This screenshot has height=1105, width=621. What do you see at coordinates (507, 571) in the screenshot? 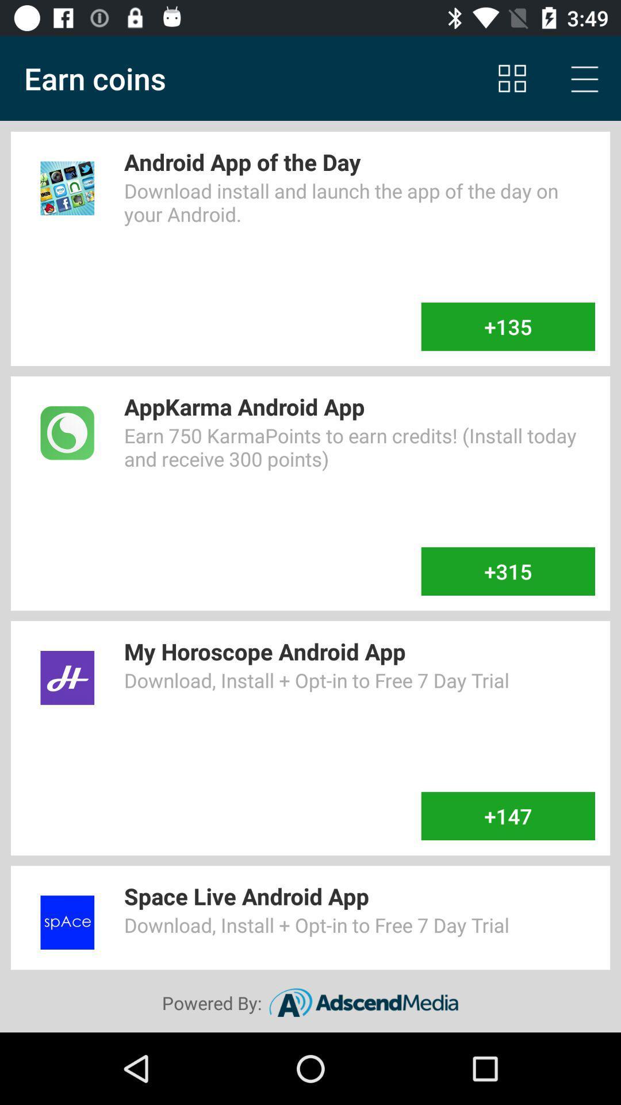
I see `item below the earn 750 karmapoints` at bounding box center [507, 571].